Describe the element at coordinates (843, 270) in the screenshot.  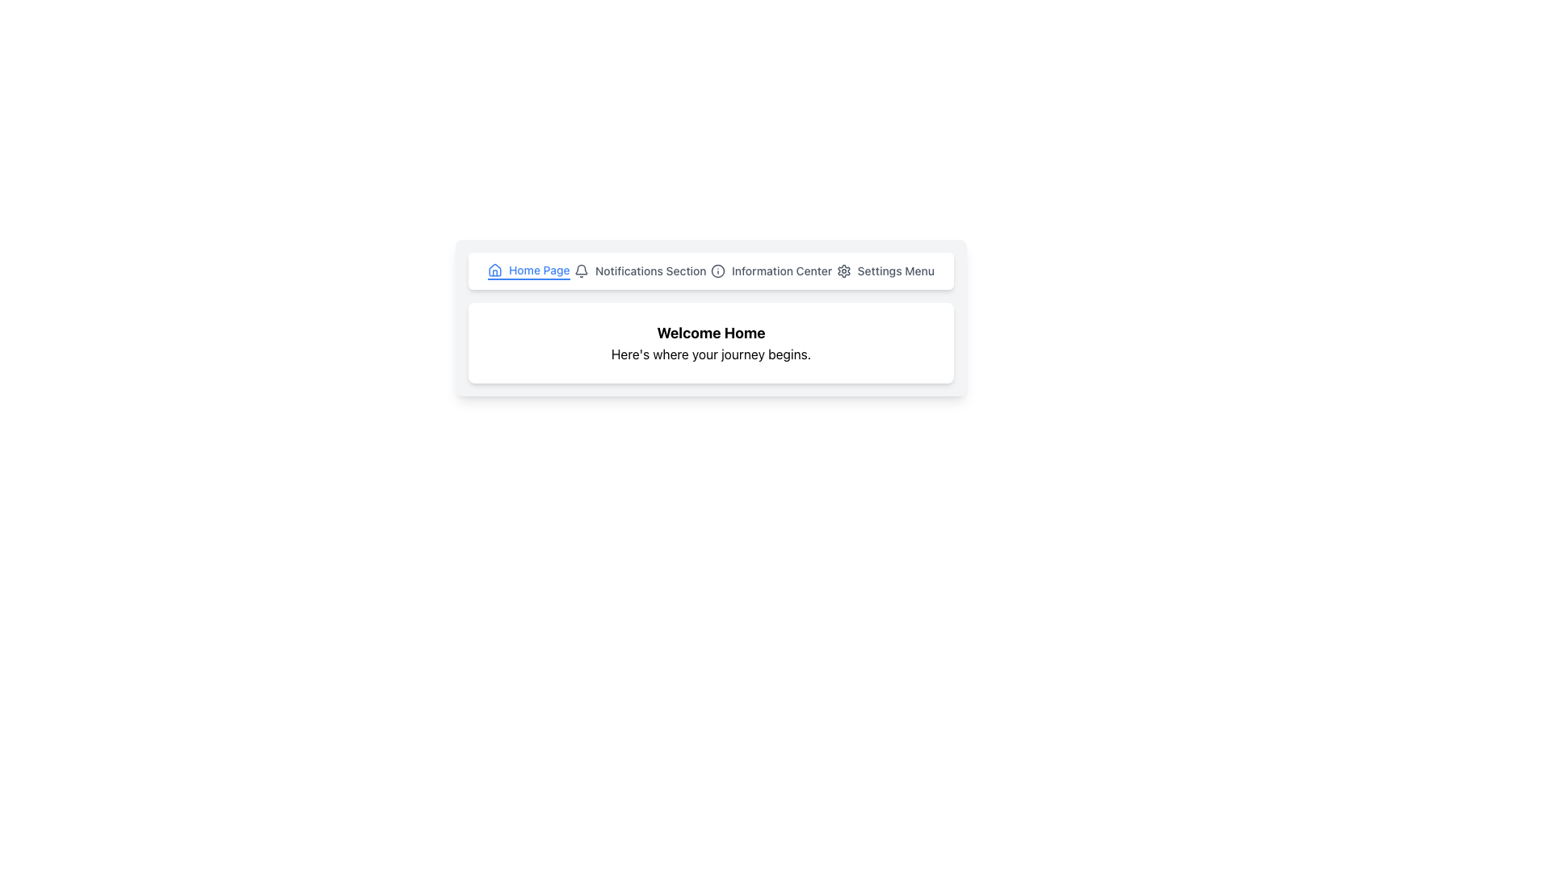
I see `the settings icon, which is a minimalistic gear shape located in the top-right header navigation bar` at that location.